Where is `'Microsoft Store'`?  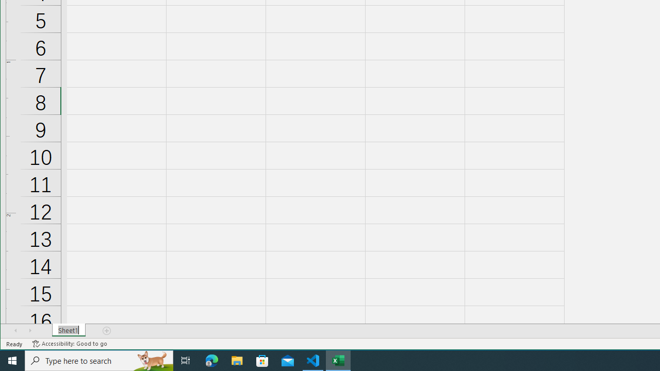 'Microsoft Store' is located at coordinates (262, 360).